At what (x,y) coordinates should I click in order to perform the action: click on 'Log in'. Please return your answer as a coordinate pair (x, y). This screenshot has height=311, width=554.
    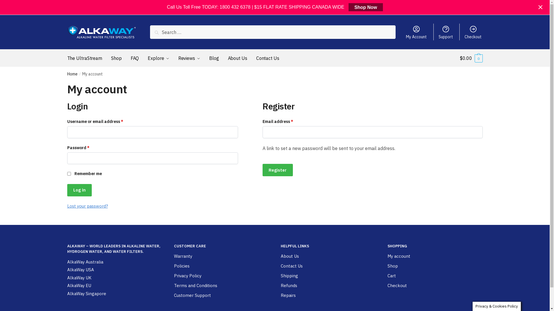
    Looking at the image, I should click on (67, 190).